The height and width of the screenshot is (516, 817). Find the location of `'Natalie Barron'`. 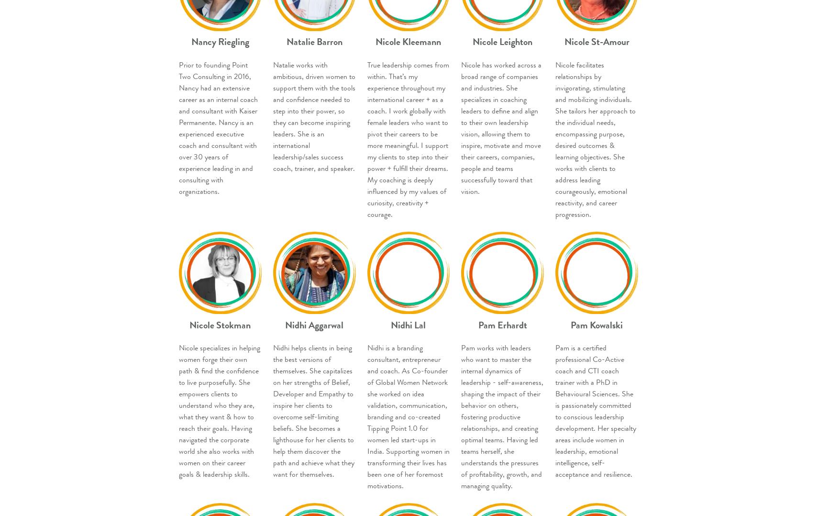

'Natalie Barron' is located at coordinates (314, 41).